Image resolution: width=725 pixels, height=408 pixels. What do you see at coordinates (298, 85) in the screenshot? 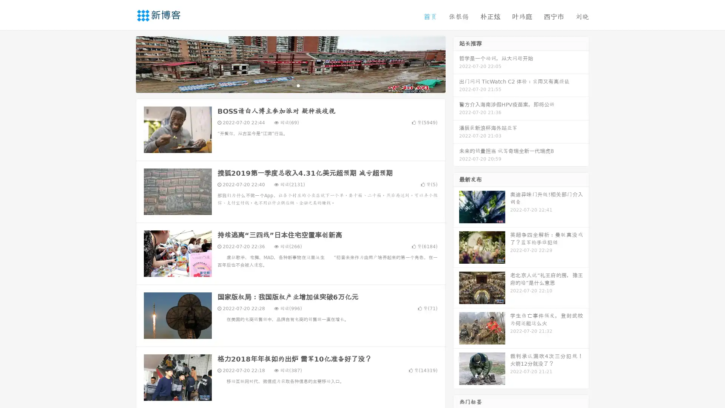
I see `Go to slide 3` at bounding box center [298, 85].